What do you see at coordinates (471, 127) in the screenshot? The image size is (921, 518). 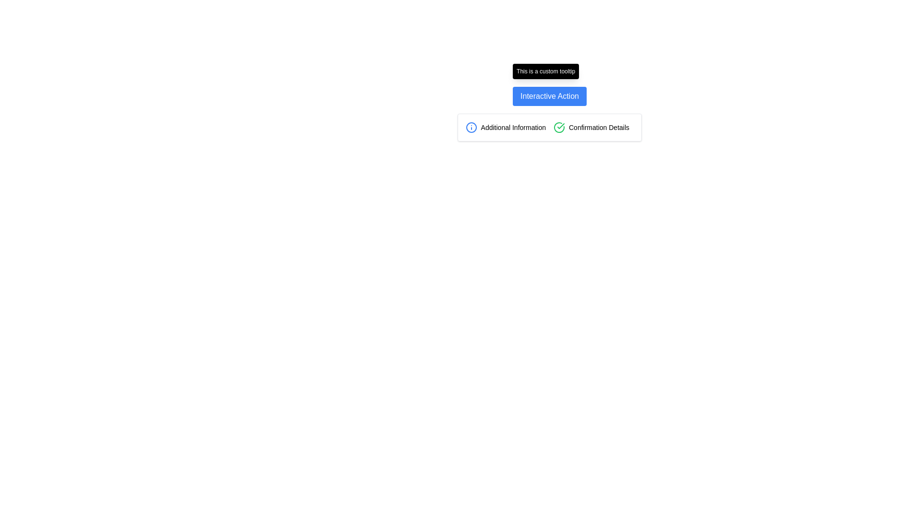 I see `the small circular informational icon with a blue outline and a white background, which features an 'i' symbol, located at the far left of the horizontal group containing the 'Additional Information' label` at bounding box center [471, 127].